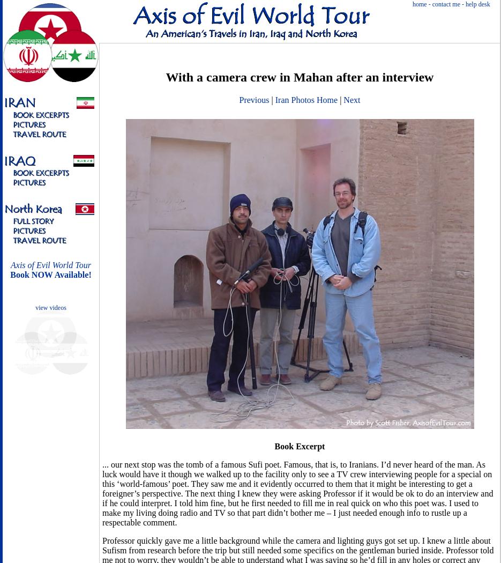  Describe the element at coordinates (102, 493) in the screenshot. I see `'... our next stop was the tomb of a famous Sufi poet. Famous, that is, to Iranians. I’d never heard of the man. As luck would have it though we walked up to the facility only to see a TV crew interviewing people for a special on this ‘world-famous’ poet. They saw me and it evidently occurred to them that it might be interesting to get a foreigner’s perspective. The next thing I knew they were asking Professor if it would be ok to do an interview and if he could interpret. I told him fine, but he first needed to fill me in real quick on who this poet was. I used to make my living doing radio and TV so that part didn’t bother me – I just needed enough info to rustle up a respectable comment.'` at that location.